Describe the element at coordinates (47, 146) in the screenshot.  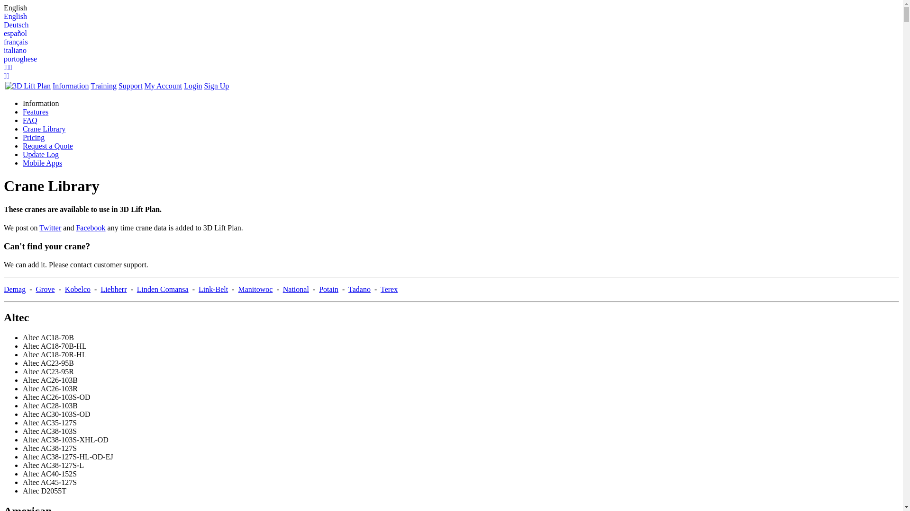
I see `'Request a Quote'` at that location.